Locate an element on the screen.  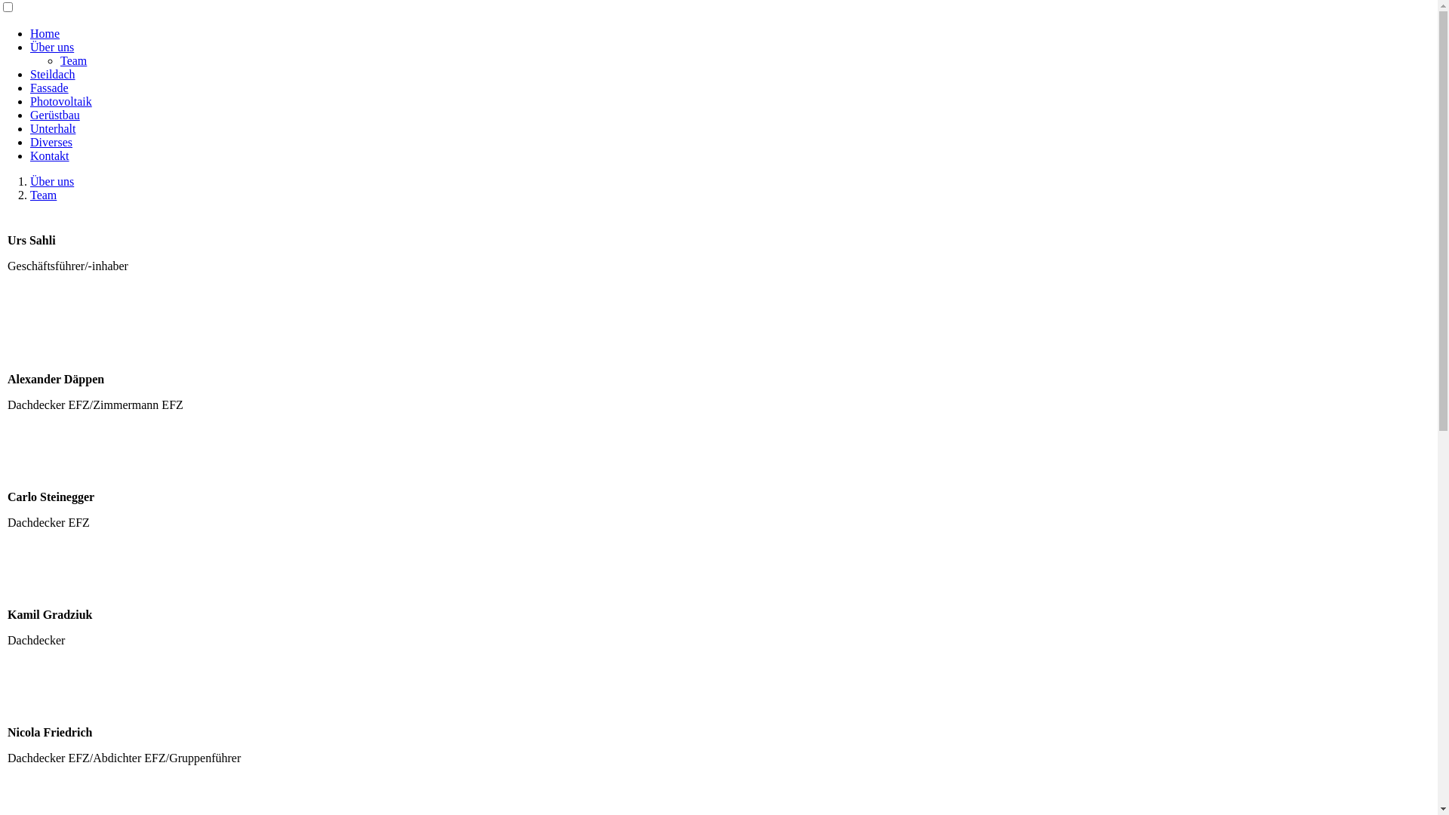
'Unterhalt' is located at coordinates (29, 128).